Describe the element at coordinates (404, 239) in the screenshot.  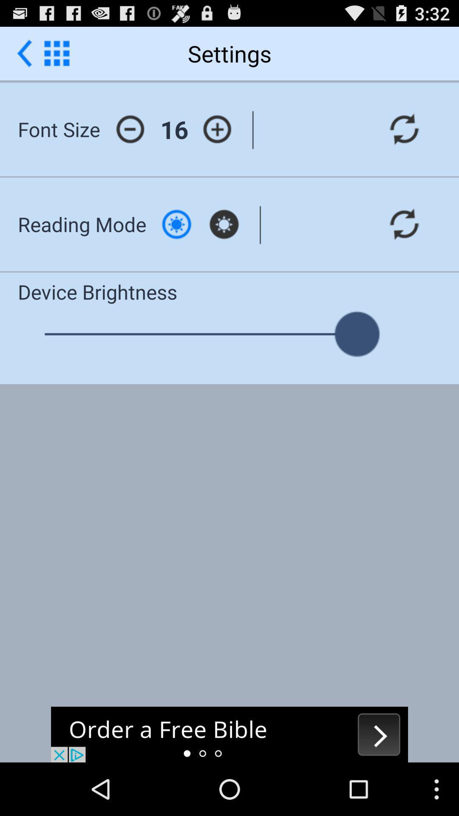
I see `the refresh icon` at that location.